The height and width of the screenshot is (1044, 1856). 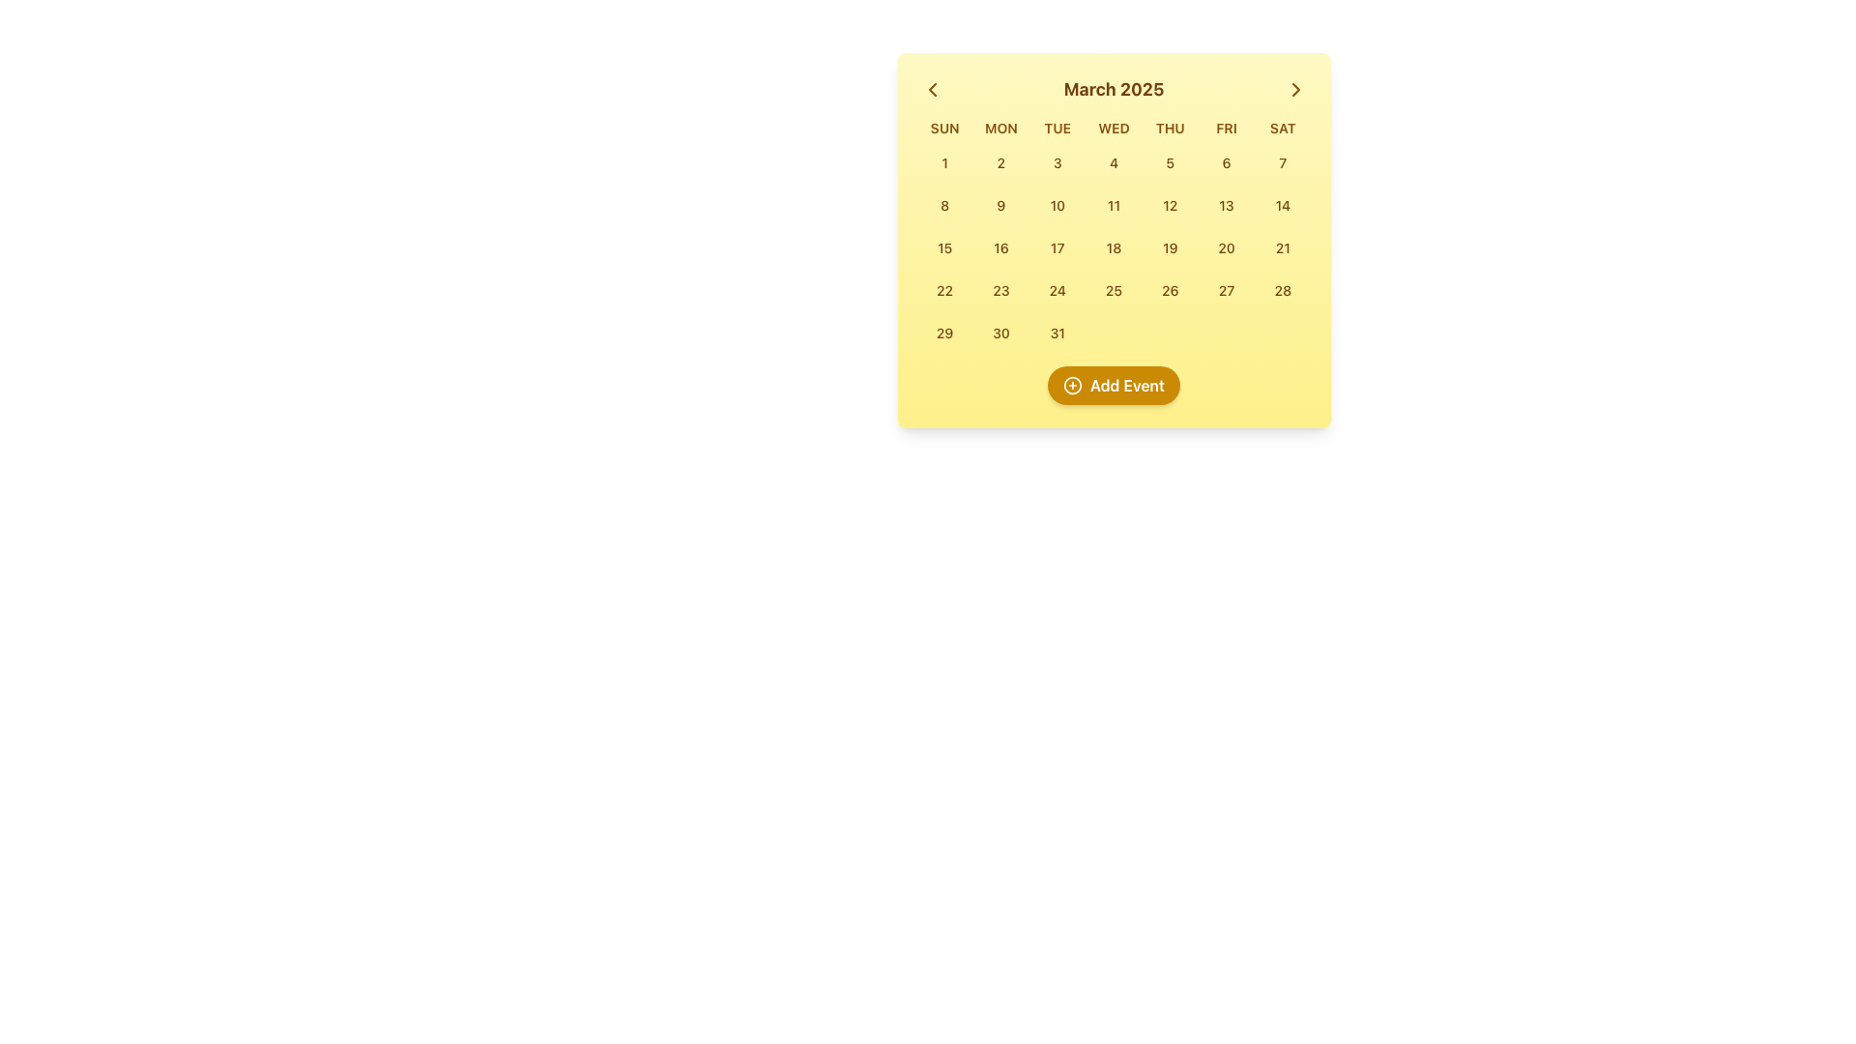 What do you see at coordinates (1114, 246) in the screenshot?
I see `the bold text '18' displayed within the calendar grid` at bounding box center [1114, 246].